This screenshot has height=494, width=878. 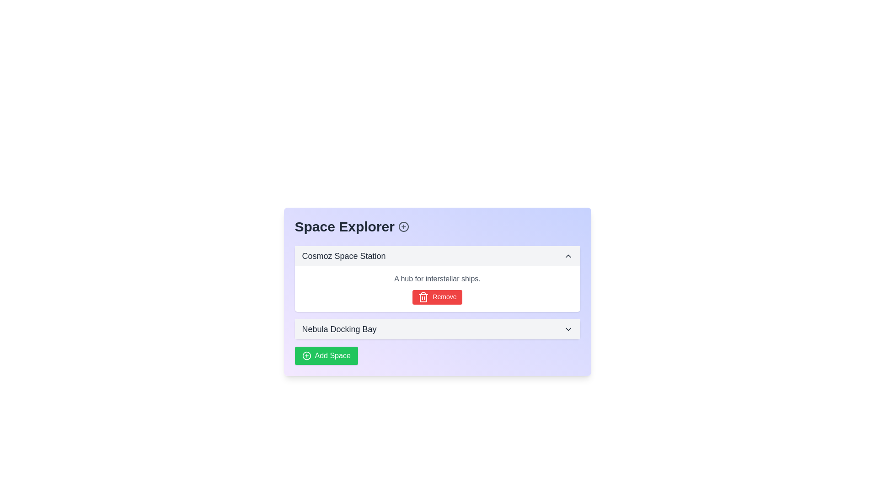 What do you see at coordinates (326, 355) in the screenshot?
I see `the 'Add Space' button, which is a green button with rounded corners and white text, located at the bottom of the 'Space Explorer' section` at bounding box center [326, 355].